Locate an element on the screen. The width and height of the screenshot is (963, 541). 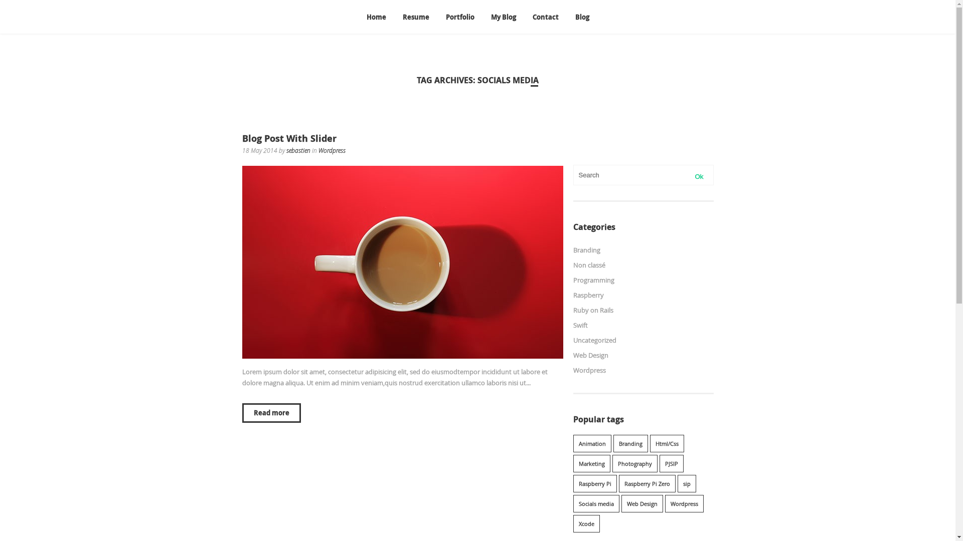
'Animation' is located at coordinates (592, 443).